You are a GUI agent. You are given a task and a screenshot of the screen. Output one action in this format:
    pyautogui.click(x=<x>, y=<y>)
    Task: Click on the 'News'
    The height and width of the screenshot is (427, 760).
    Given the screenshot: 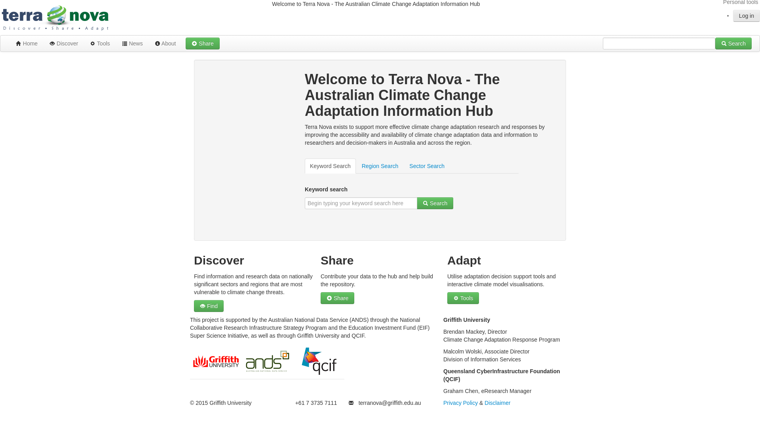 What is the action you would take?
    pyautogui.click(x=132, y=43)
    